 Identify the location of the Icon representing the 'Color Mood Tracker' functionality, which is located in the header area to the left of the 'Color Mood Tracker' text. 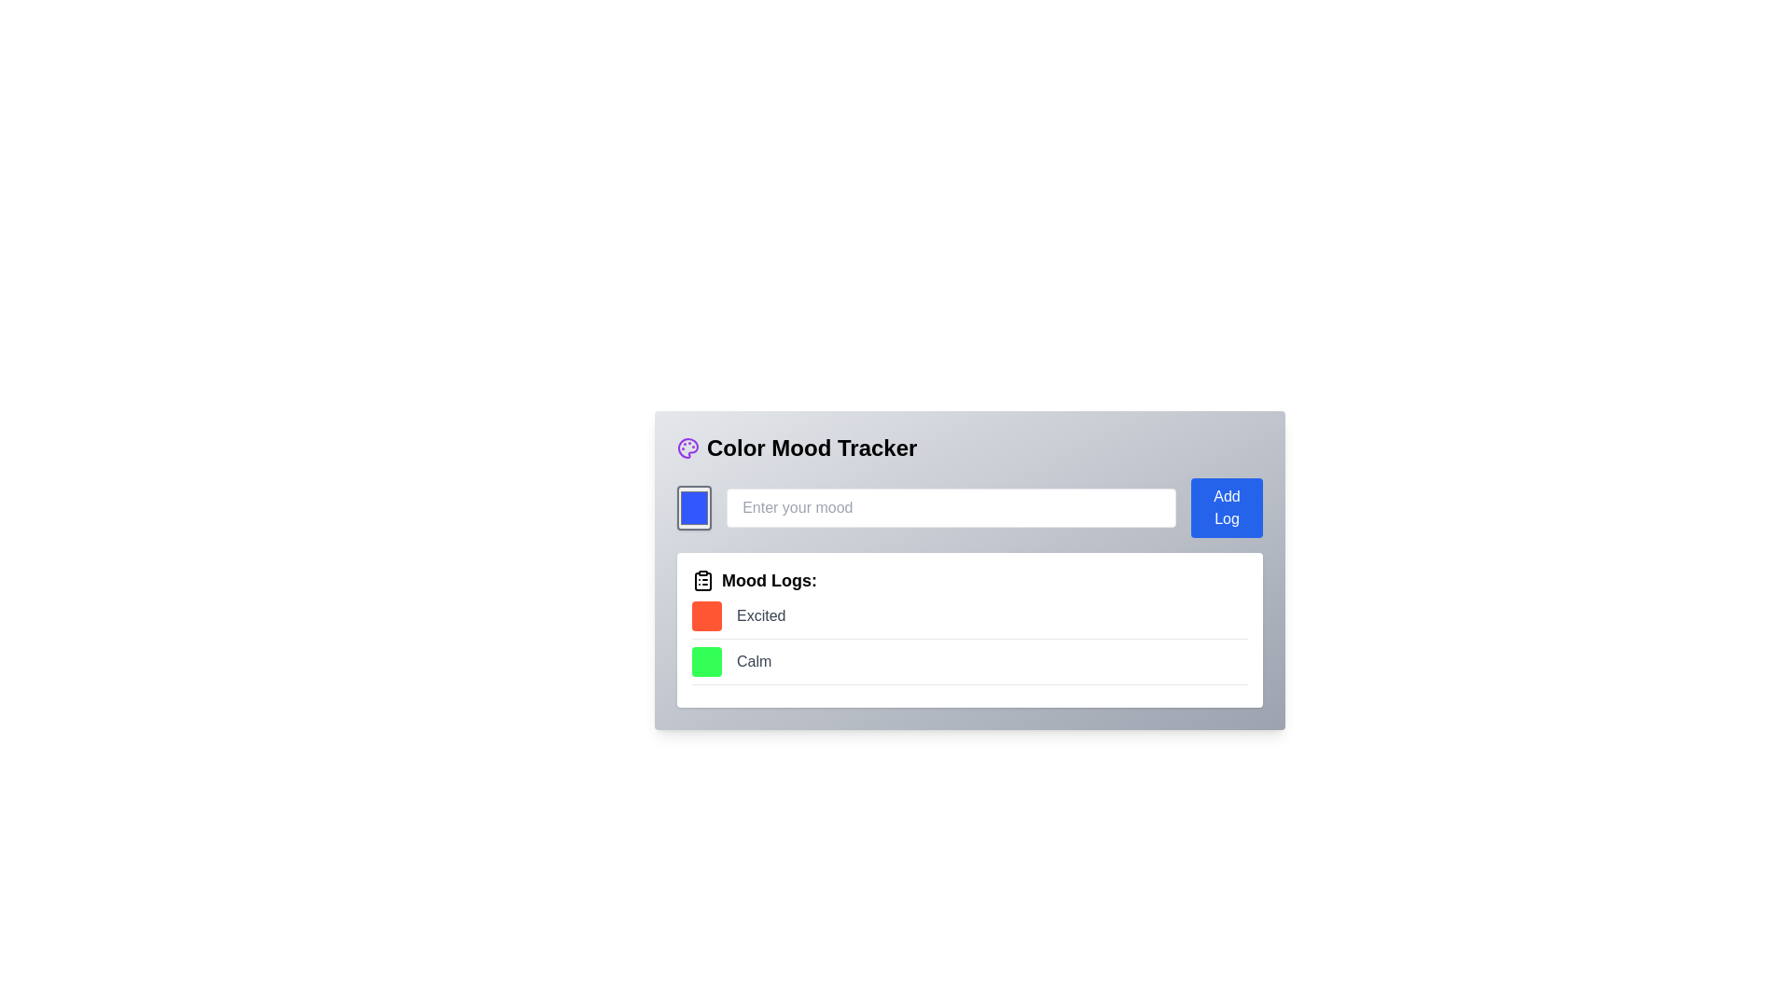
(687, 448).